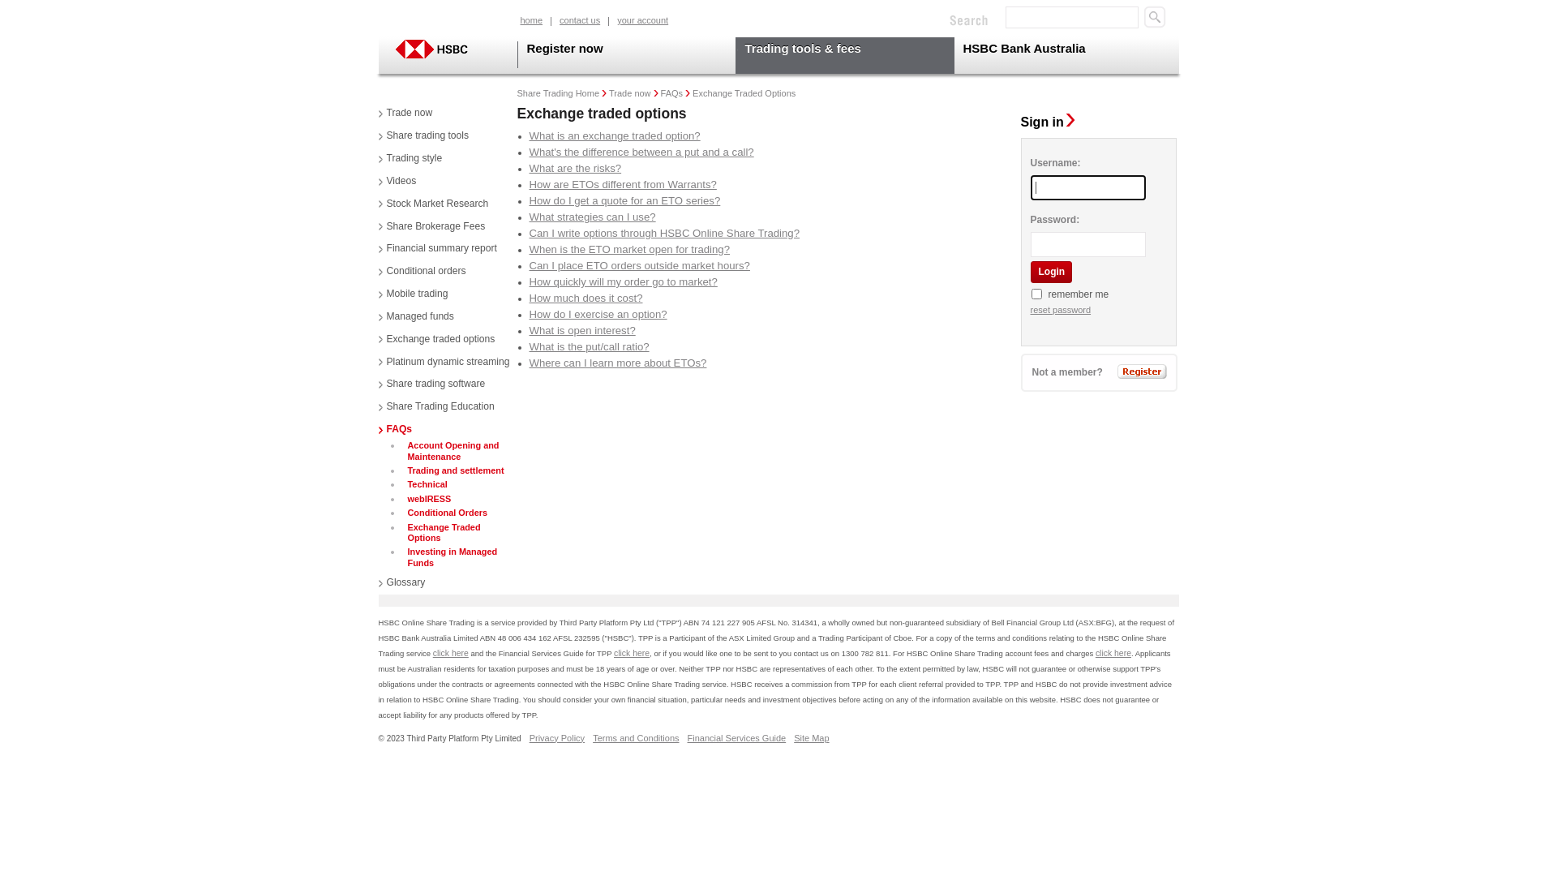 The width and height of the screenshot is (1557, 876). I want to click on 'Trade now', so click(405, 112).